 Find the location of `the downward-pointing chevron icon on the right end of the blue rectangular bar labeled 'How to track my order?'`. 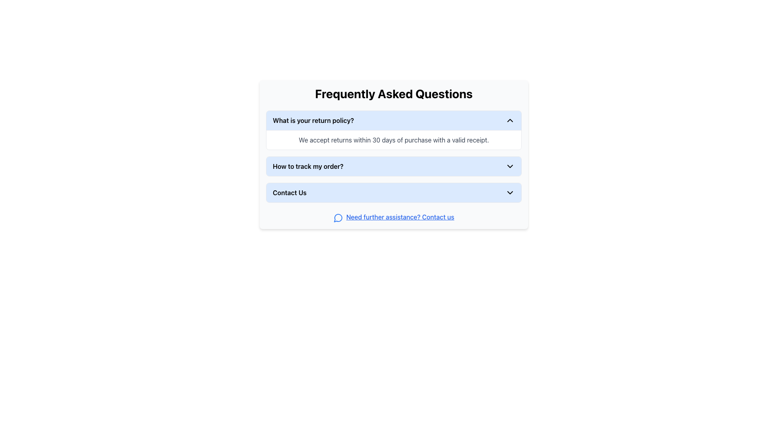

the downward-pointing chevron icon on the right end of the blue rectangular bar labeled 'How to track my order?' is located at coordinates (509, 166).